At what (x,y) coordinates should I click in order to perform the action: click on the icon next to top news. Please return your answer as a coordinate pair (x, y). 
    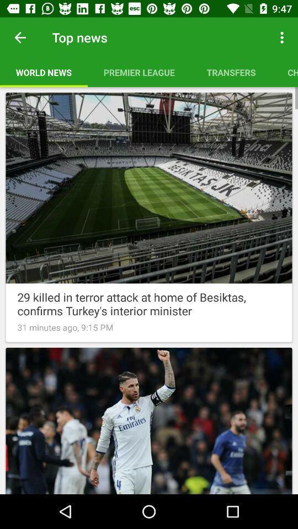
    Looking at the image, I should click on (20, 37).